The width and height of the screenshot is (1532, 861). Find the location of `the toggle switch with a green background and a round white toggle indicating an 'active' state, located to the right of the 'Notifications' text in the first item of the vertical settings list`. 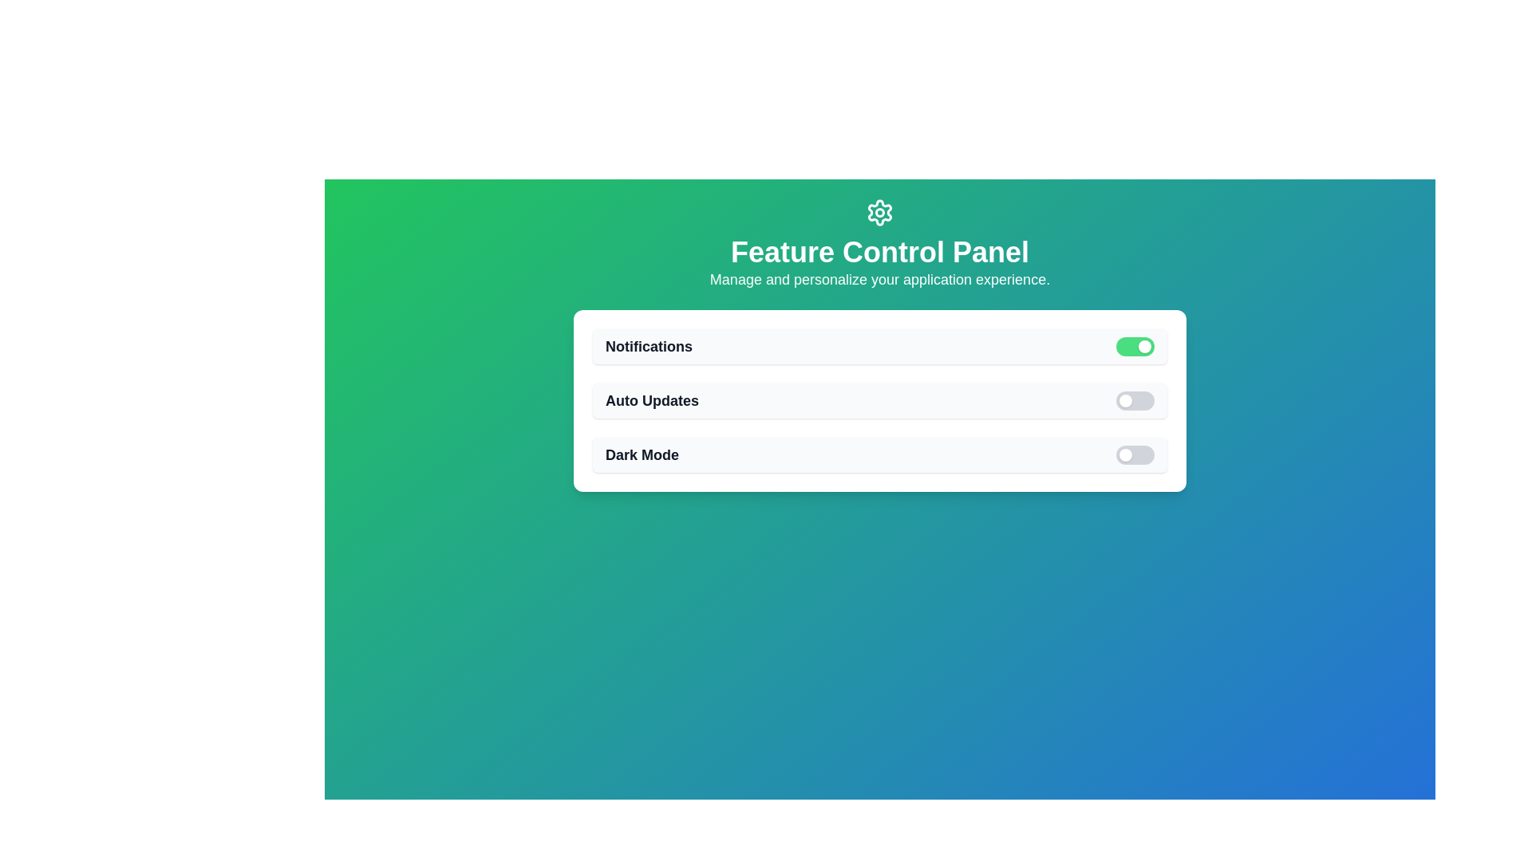

the toggle switch with a green background and a round white toggle indicating an 'active' state, located to the right of the 'Notifications' text in the first item of the vertical settings list is located at coordinates (1134, 346).